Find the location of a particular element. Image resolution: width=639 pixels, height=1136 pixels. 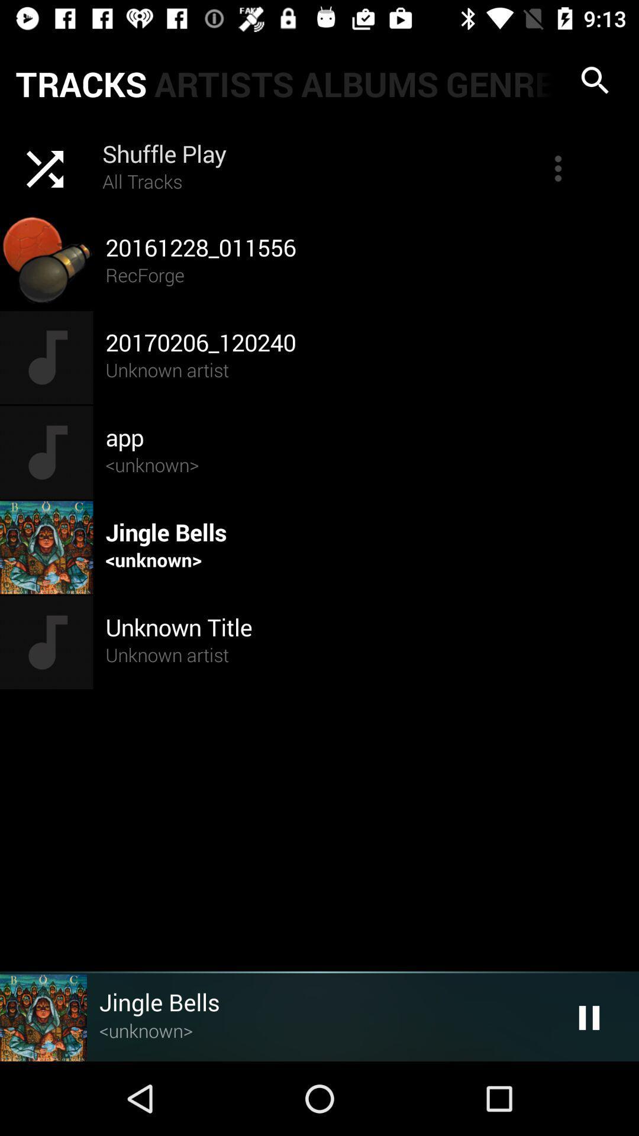

the pause icon is located at coordinates (589, 1017).